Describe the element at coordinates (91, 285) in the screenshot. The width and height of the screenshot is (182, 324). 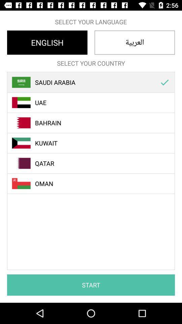
I see `start icon` at that location.